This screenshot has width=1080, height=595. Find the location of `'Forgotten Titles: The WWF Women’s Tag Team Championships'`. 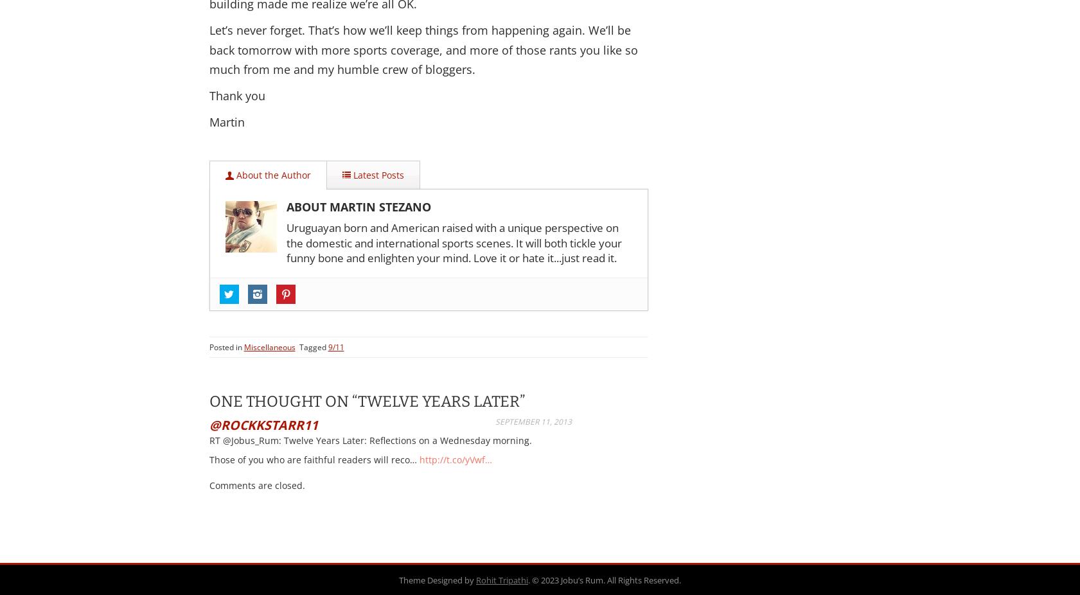

'Forgotten Titles: The WWF Women’s Tag Team Championships' is located at coordinates (411, 391).